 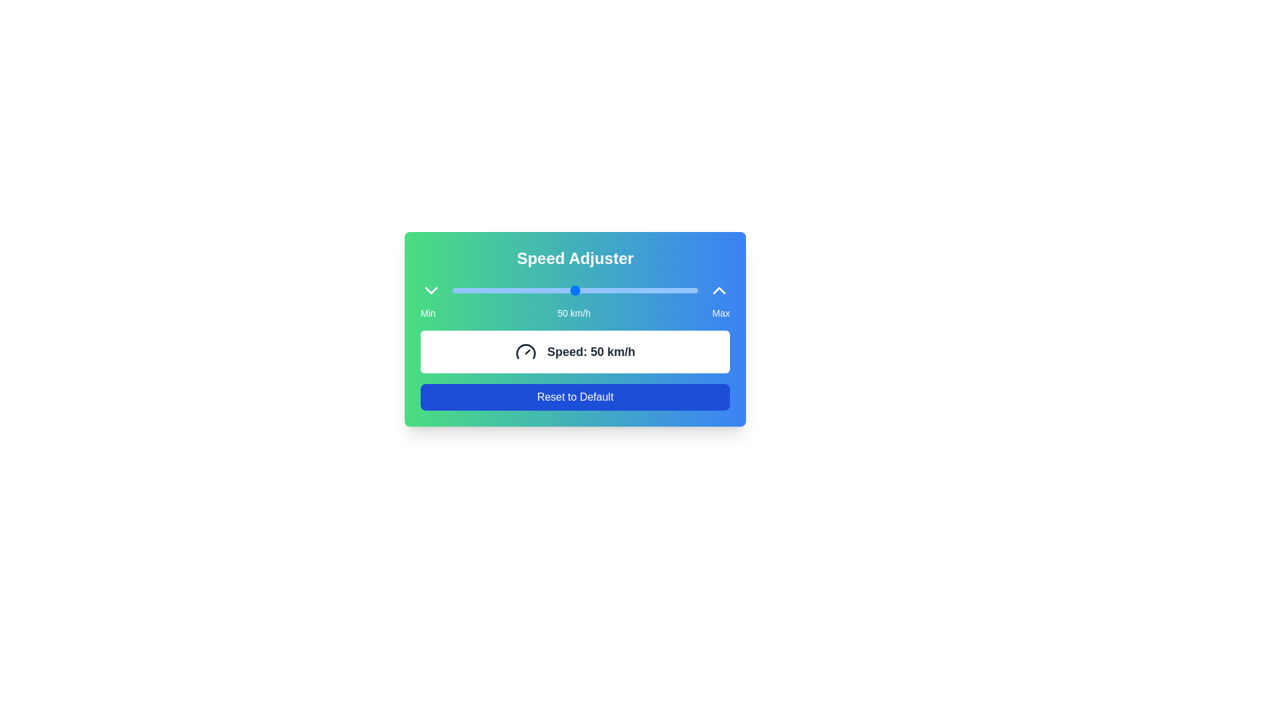 What do you see at coordinates (594, 289) in the screenshot?
I see `the slider value` at bounding box center [594, 289].